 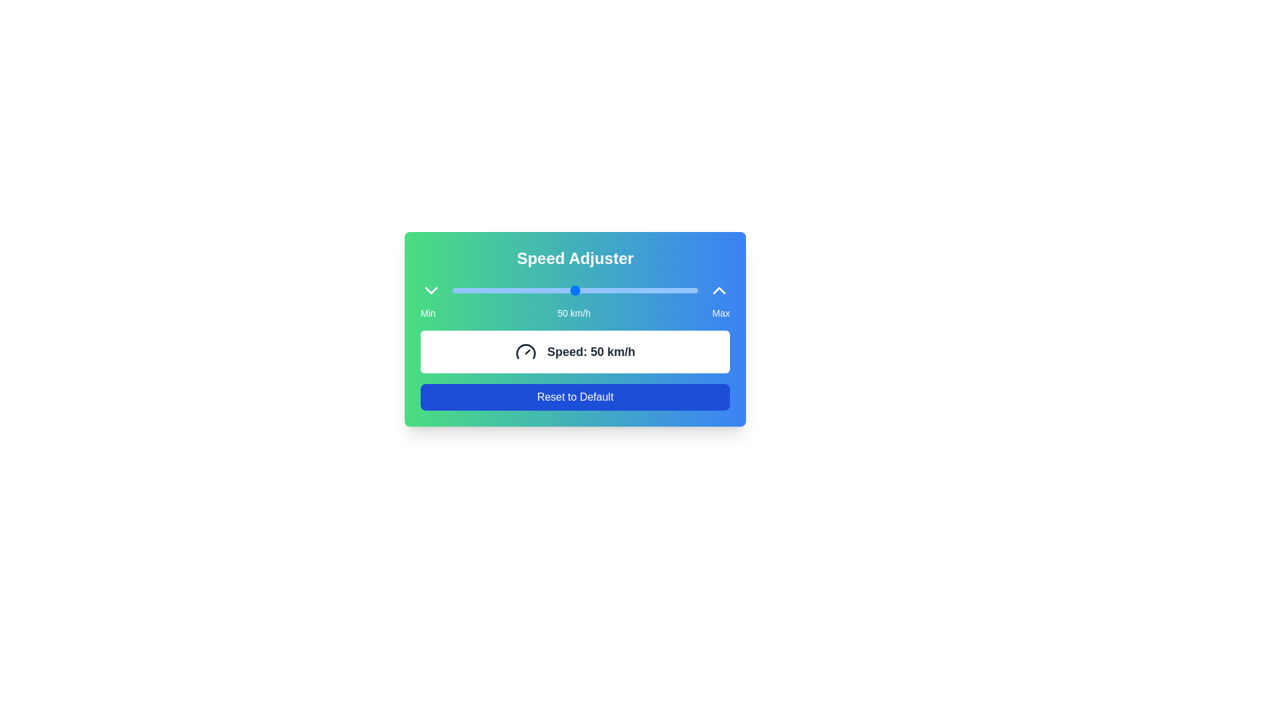 What do you see at coordinates (594, 289) in the screenshot?
I see `the slider value` at bounding box center [594, 289].